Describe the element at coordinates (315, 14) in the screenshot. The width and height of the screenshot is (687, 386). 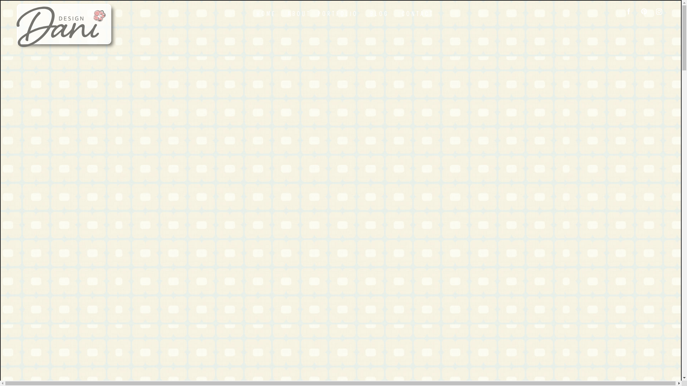
I see `'PORTFOLIO'` at that location.